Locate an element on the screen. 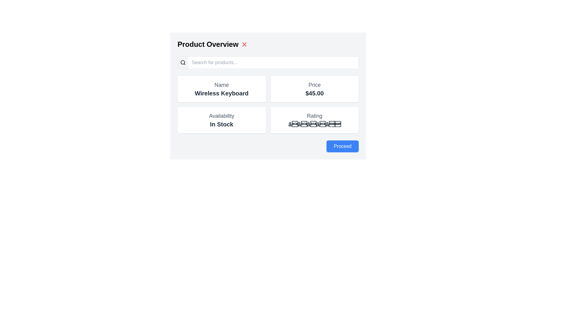  the 'In Stock' text label, which is displayed in bold dark gray font within the 'Availability' panel, located centrally at the bottom of the layout is located at coordinates (221, 124).